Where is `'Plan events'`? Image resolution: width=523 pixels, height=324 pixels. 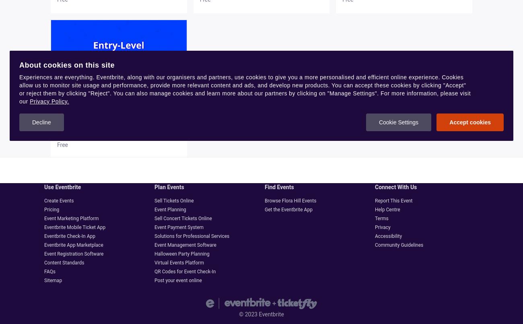
'Plan events' is located at coordinates (169, 187).